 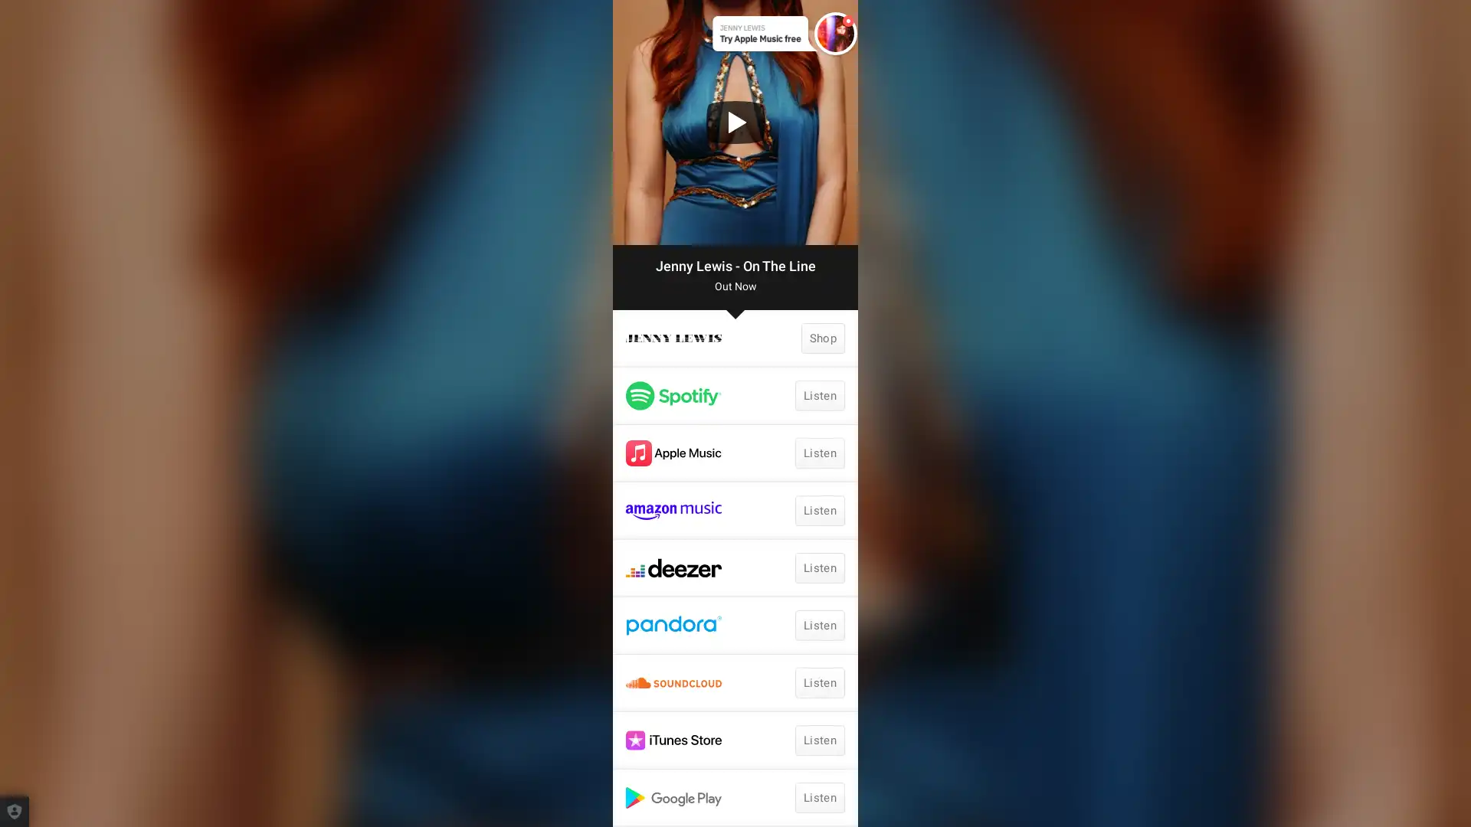 I want to click on Listen, so click(x=819, y=796).